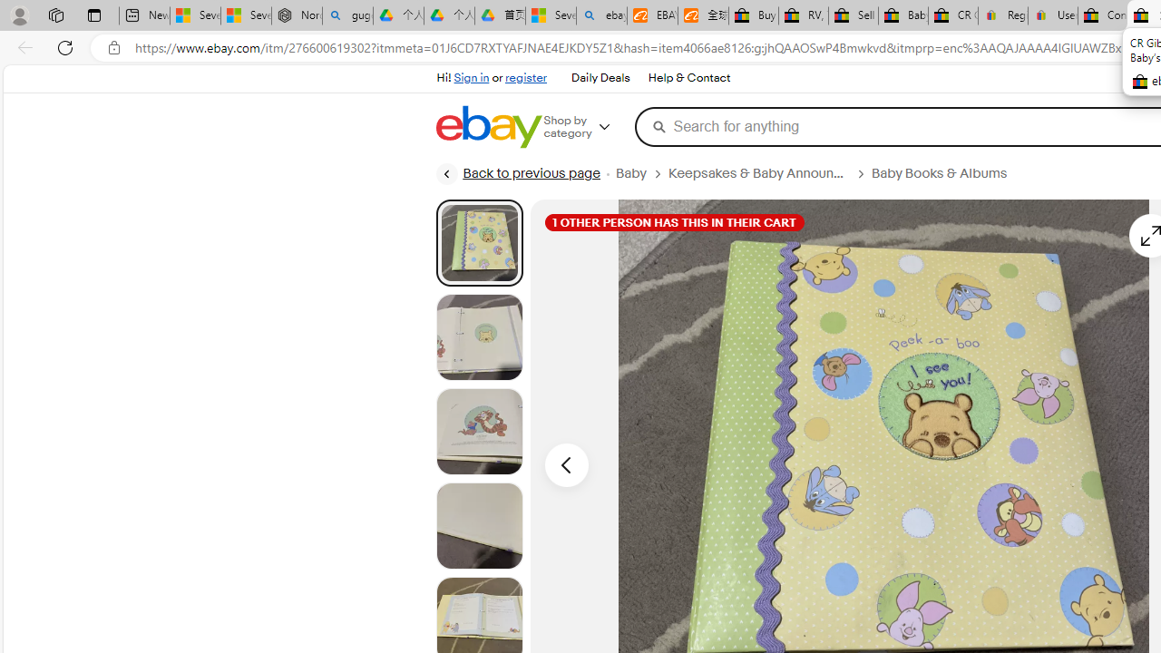 This screenshot has width=1161, height=653. I want to click on 'Help & Contact', so click(688, 77).